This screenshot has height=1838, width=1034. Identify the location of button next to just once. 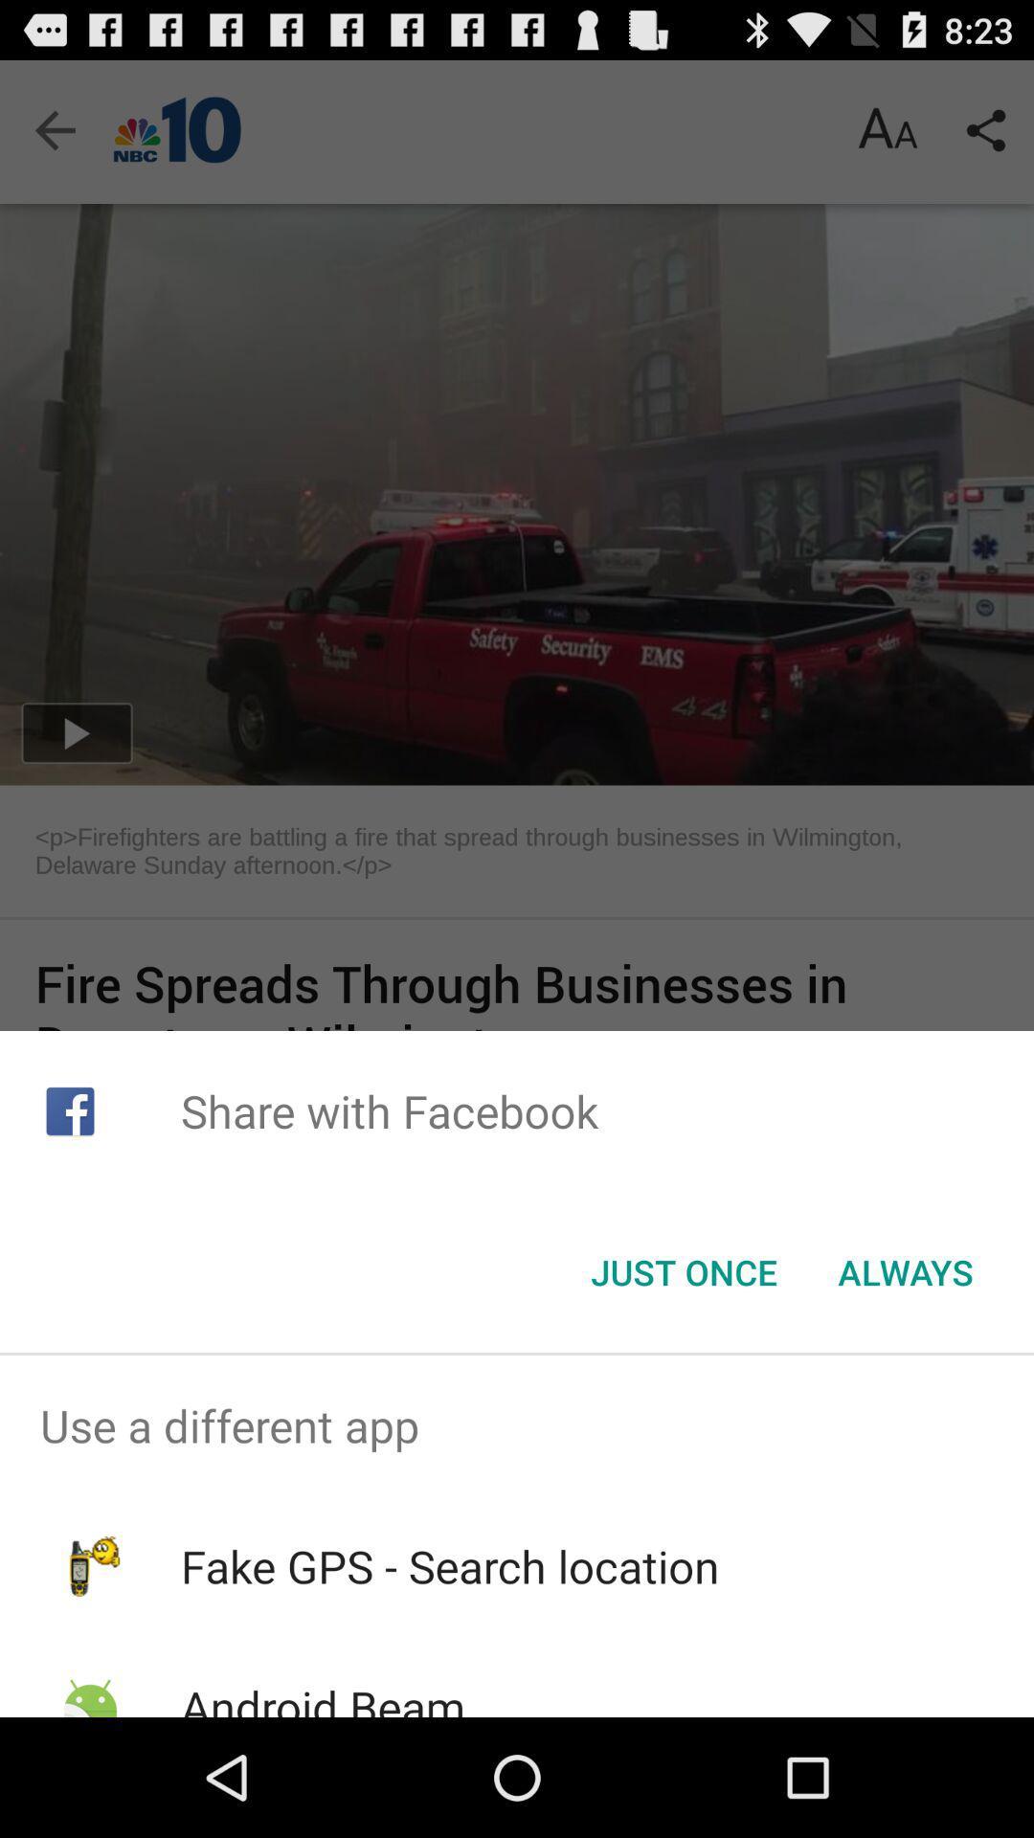
(905, 1272).